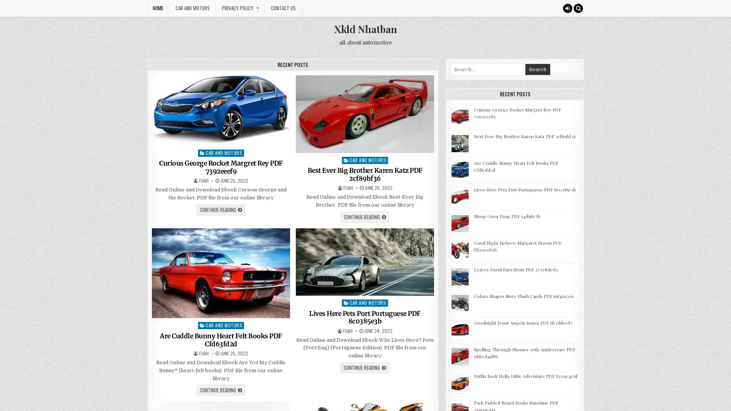 The width and height of the screenshot is (731, 411). I want to click on Search, so click(537, 69).